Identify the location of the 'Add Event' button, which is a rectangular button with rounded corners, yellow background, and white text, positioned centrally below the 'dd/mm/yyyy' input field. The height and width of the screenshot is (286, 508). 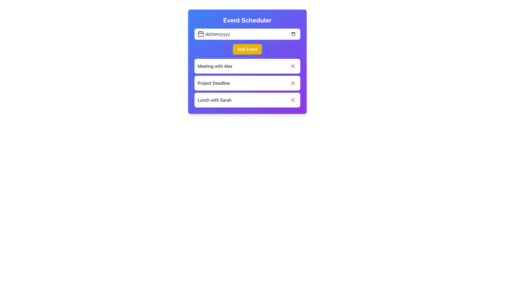
(247, 49).